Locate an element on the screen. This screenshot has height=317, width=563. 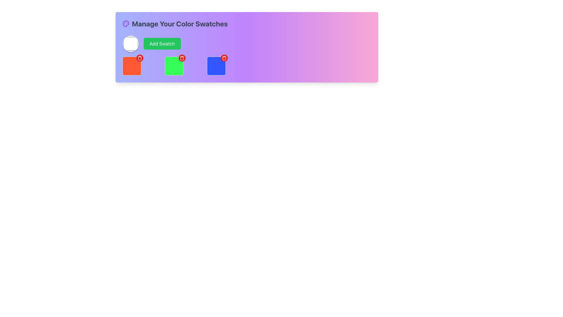
the delete icon located in the top-right corner of the red-orange selectable color swatch with rounded corners, which is the first block in a series of colored blocks is located at coordinates (132, 66).